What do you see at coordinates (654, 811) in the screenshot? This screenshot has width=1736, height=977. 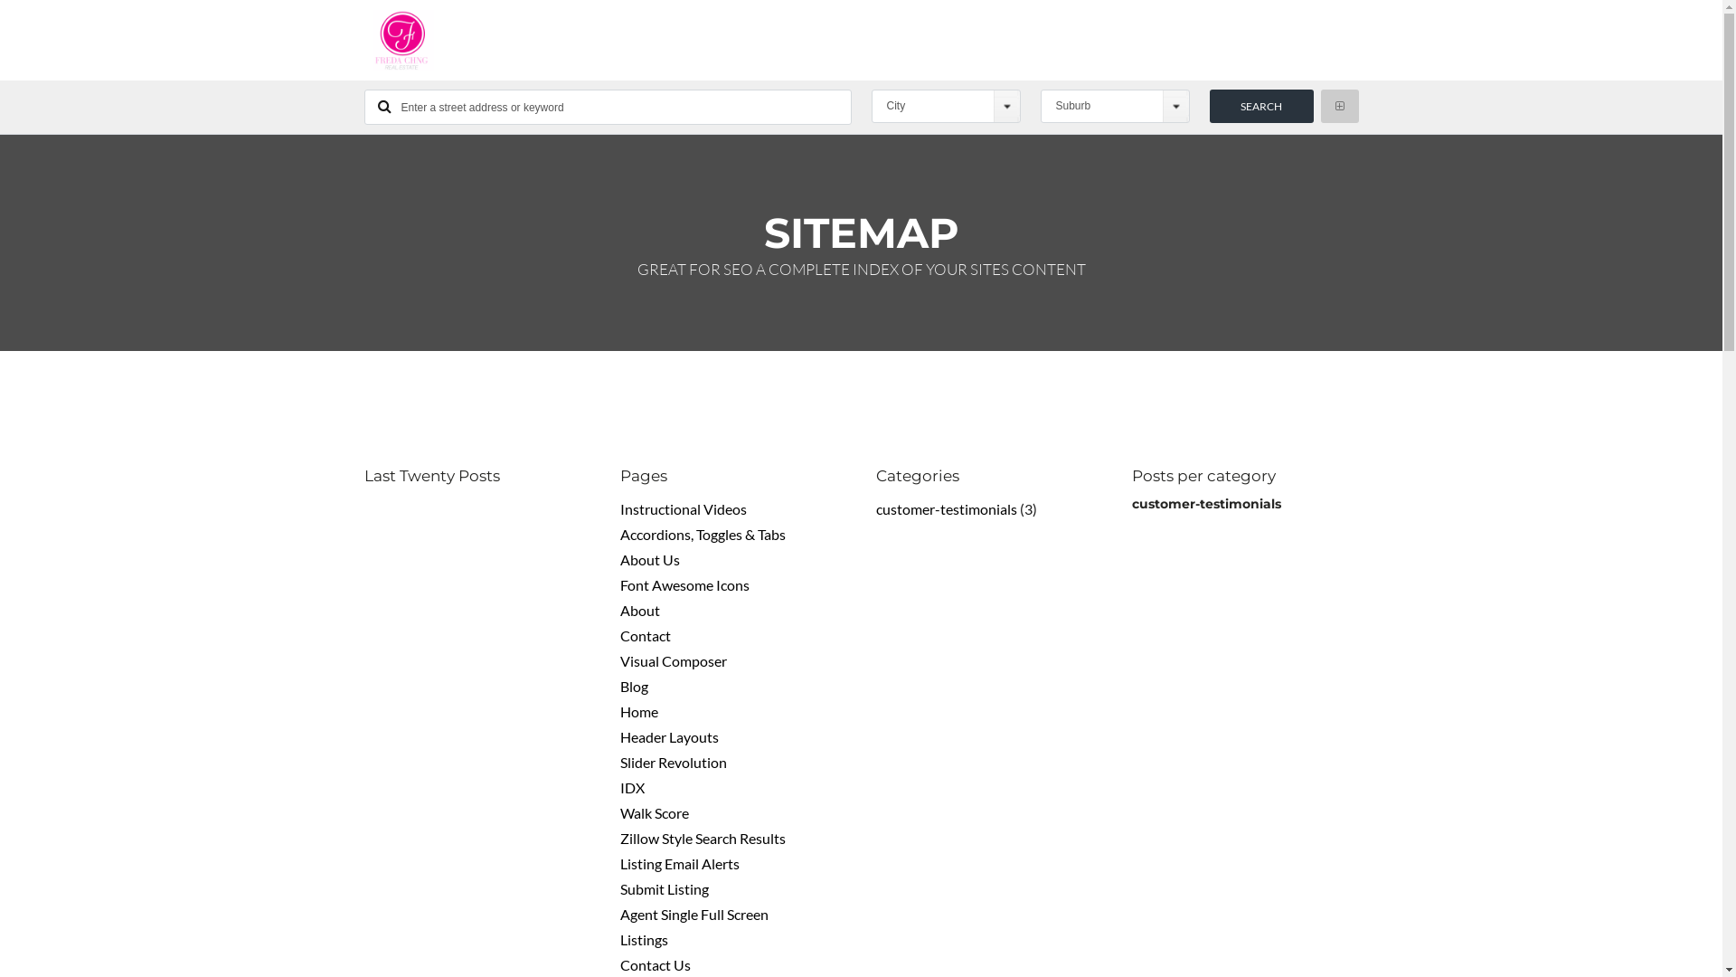 I see `'Walk Score'` at bounding box center [654, 811].